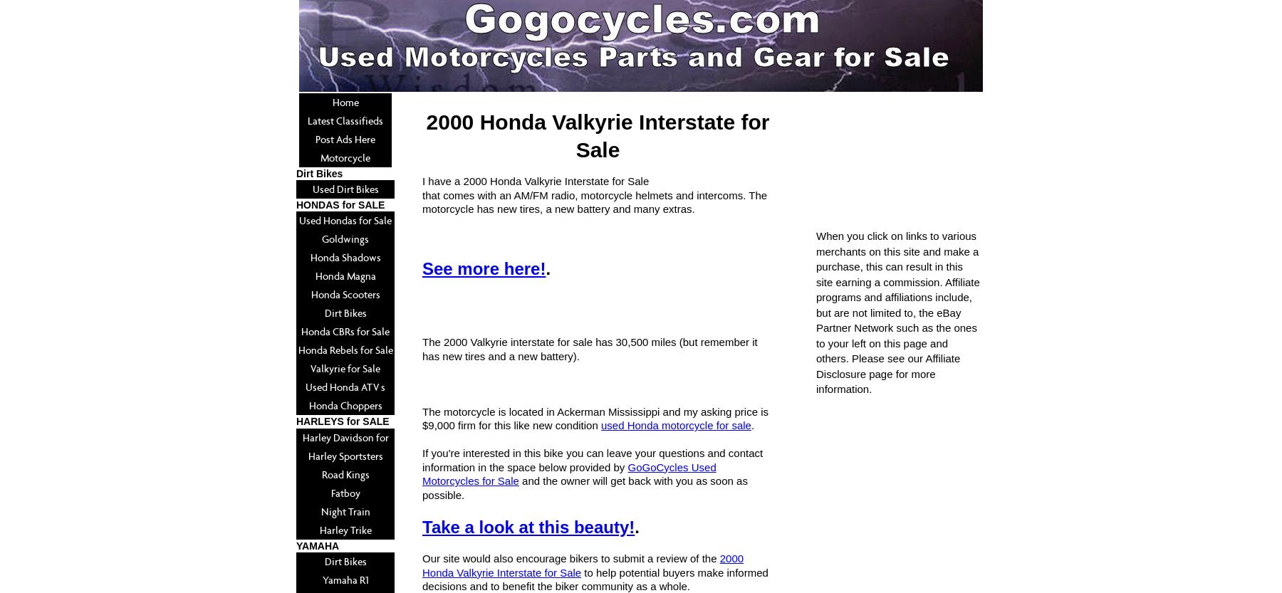 This screenshot has width=1282, height=593. What do you see at coordinates (422, 459) in the screenshot?
I see `'If you're interested in this bike you can leave your questions and contact information in the space below provided by'` at bounding box center [422, 459].